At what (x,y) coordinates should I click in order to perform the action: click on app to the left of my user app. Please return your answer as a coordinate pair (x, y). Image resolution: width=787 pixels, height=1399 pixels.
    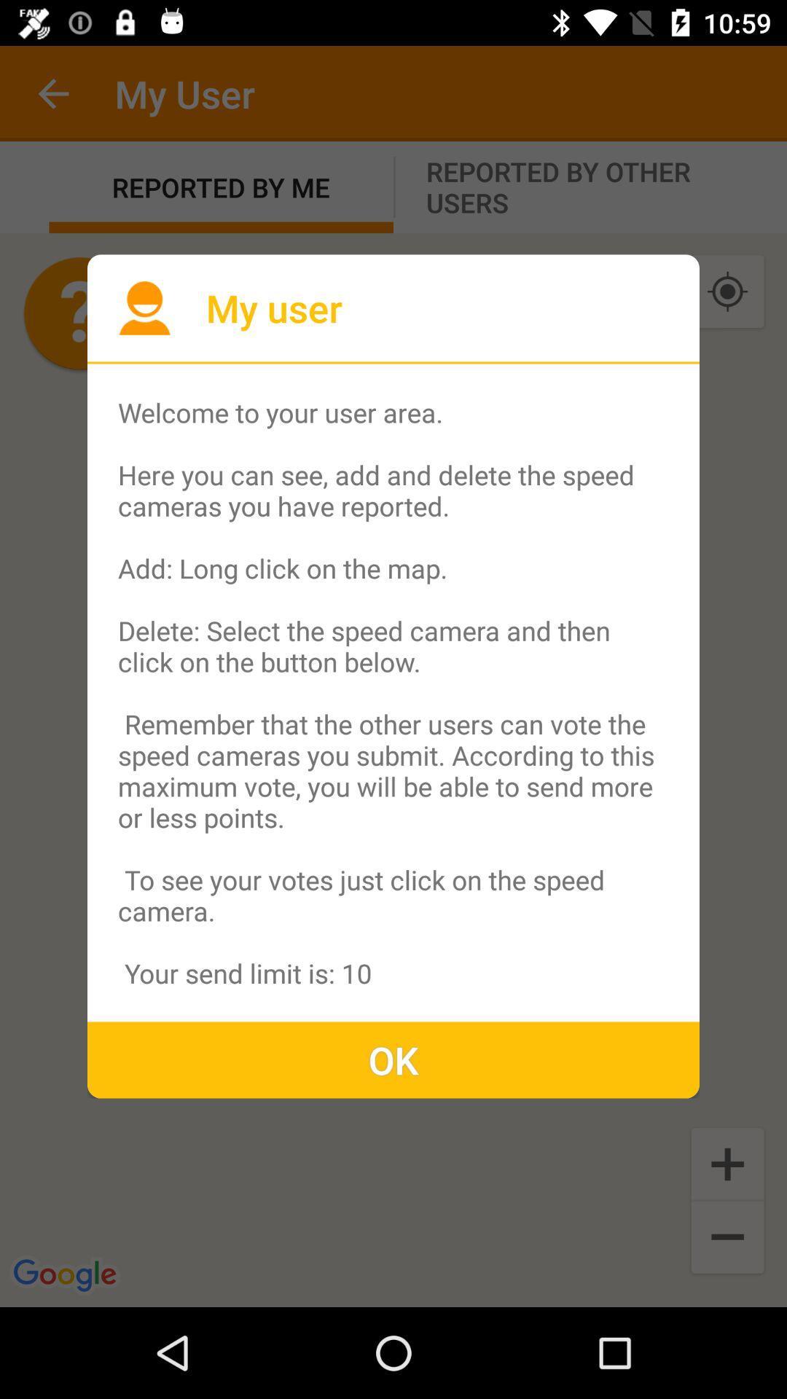
    Looking at the image, I should click on (144, 307).